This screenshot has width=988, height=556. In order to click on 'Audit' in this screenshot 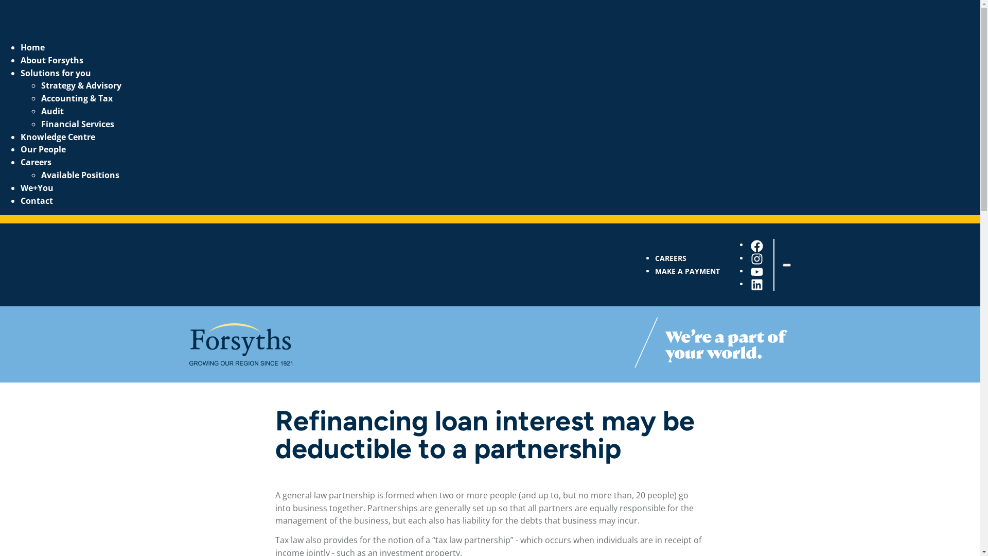, I will do `click(51, 111)`.